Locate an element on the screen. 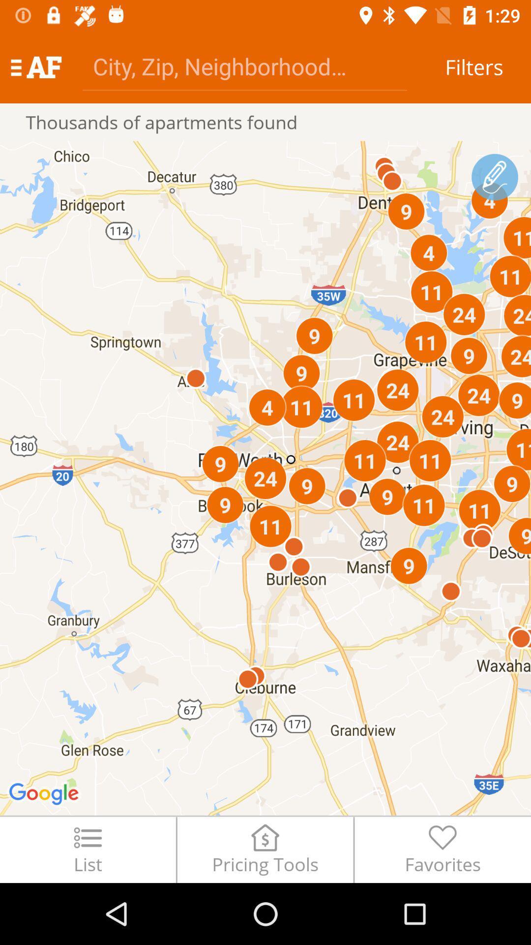  the favorites at the bottom right corner is located at coordinates (442, 849).